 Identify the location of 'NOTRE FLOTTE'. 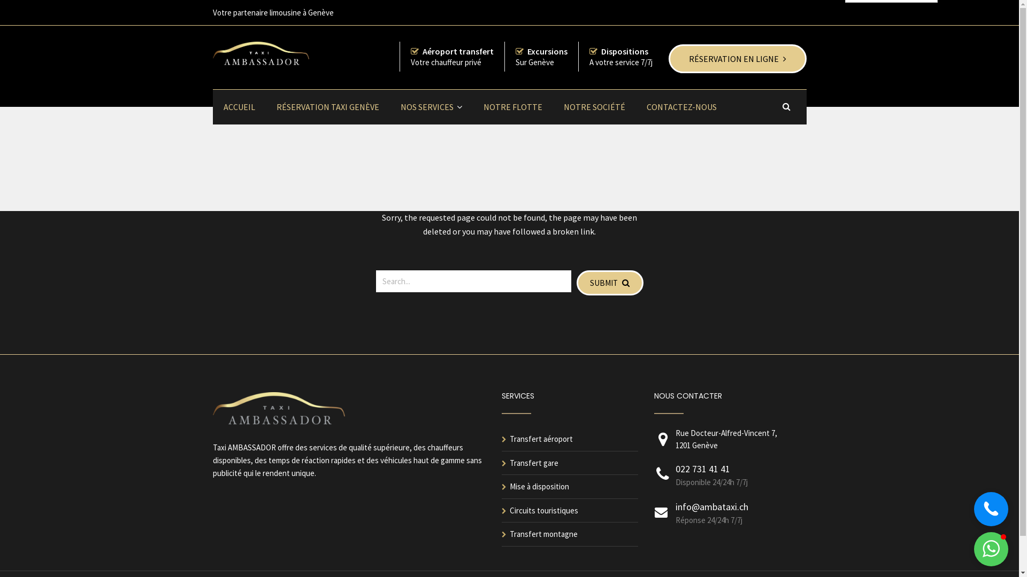
(512, 107).